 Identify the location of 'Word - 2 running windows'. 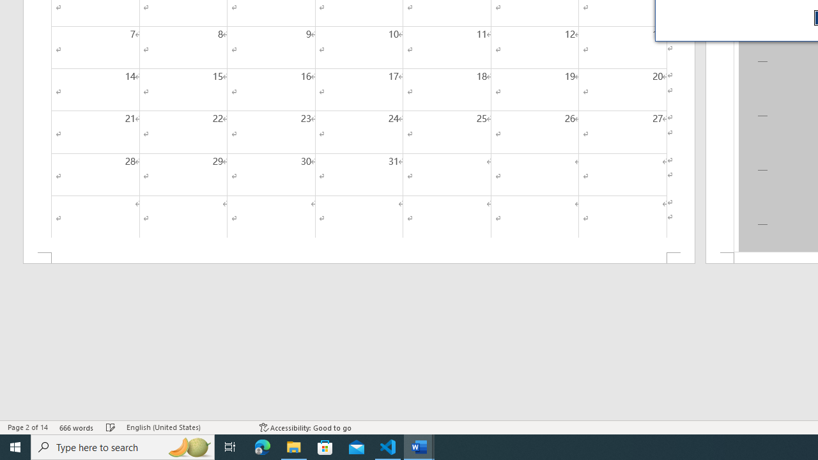
(419, 446).